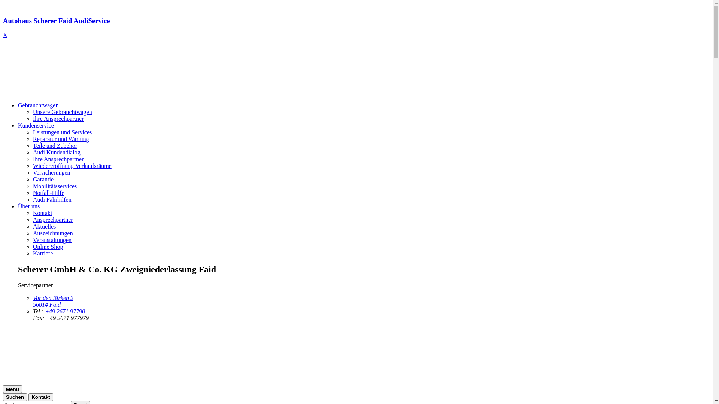 Image resolution: width=719 pixels, height=404 pixels. I want to click on 'Autohaus Scherer Faid AudiService', so click(356, 27).